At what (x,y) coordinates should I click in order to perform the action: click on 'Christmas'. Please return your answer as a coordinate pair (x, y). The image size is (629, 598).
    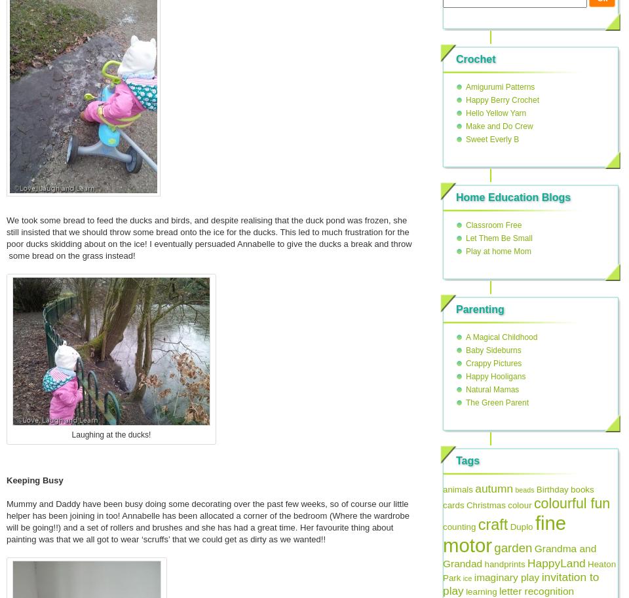
    Looking at the image, I should click on (465, 505).